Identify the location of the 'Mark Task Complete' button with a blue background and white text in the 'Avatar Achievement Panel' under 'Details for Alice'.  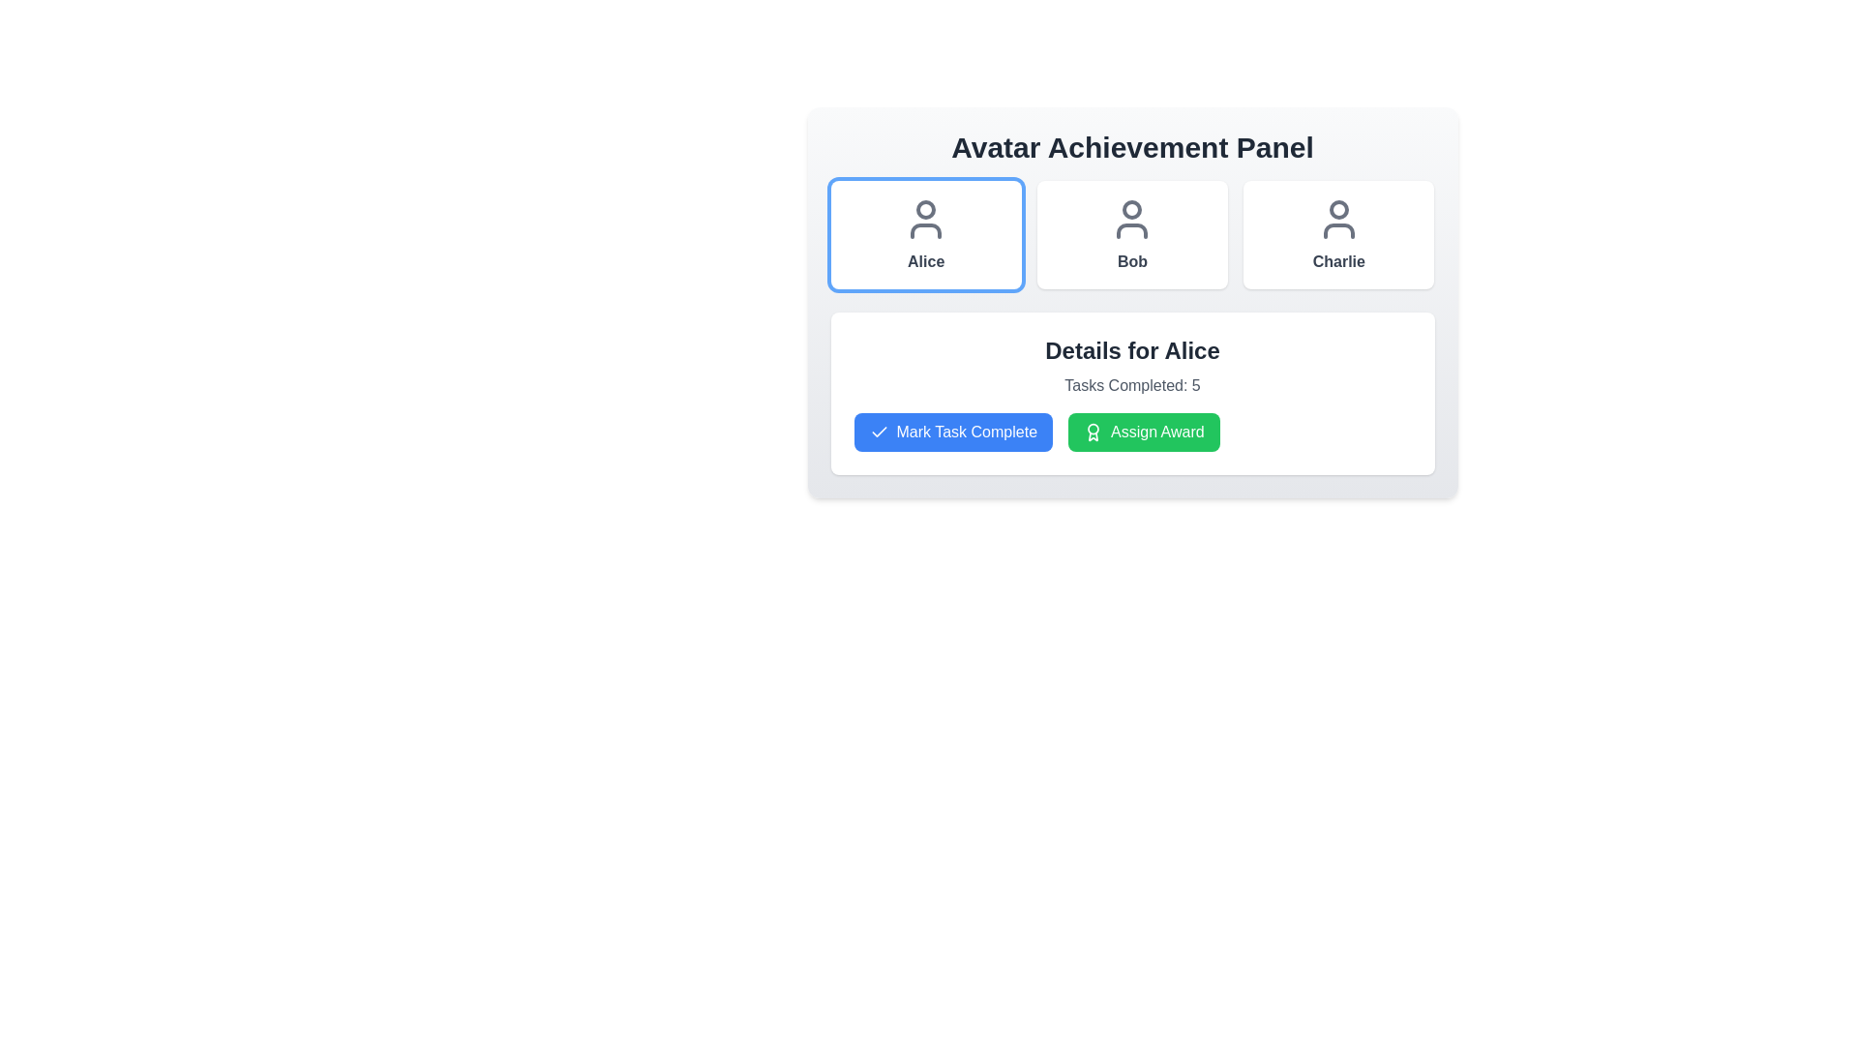
(953, 432).